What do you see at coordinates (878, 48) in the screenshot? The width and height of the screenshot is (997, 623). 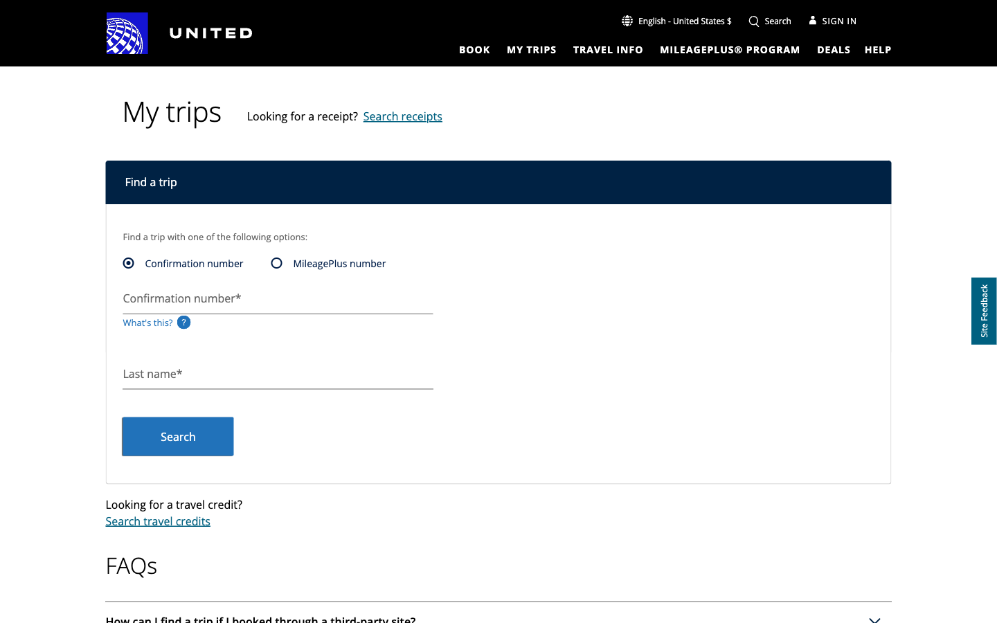 I see `Unclear about the function of confirmation button, move and press the help button for guidance` at bounding box center [878, 48].